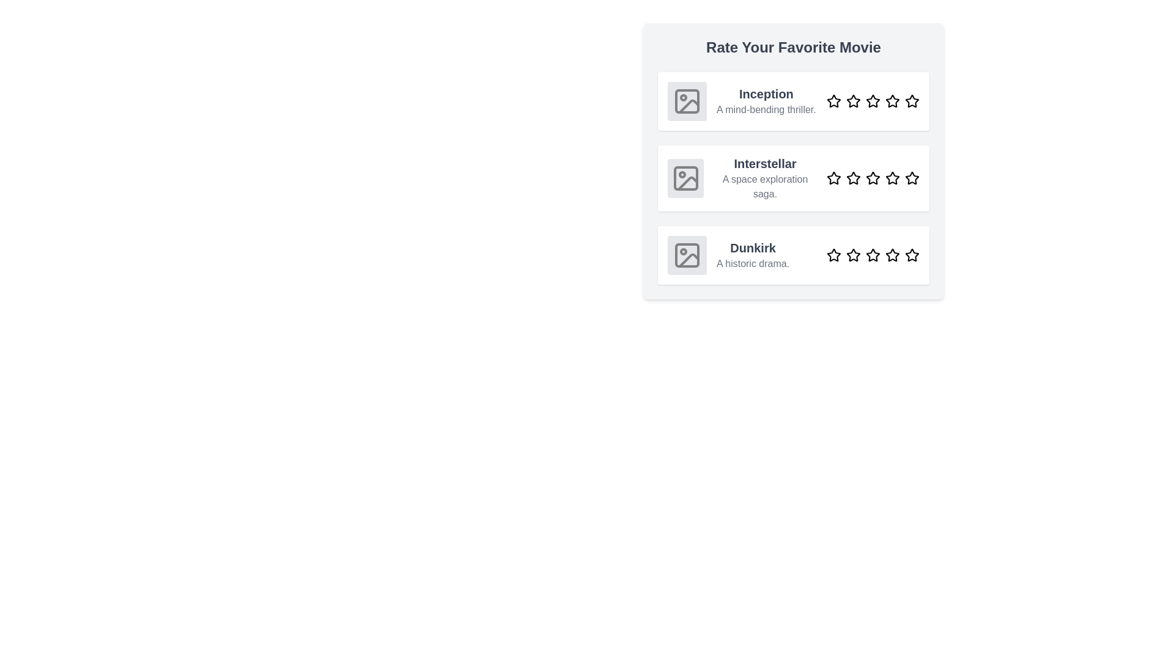  What do you see at coordinates (853, 100) in the screenshot?
I see `the second star icon in the ratings section to set the movie 'Inception' rating to two out of five` at bounding box center [853, 100].